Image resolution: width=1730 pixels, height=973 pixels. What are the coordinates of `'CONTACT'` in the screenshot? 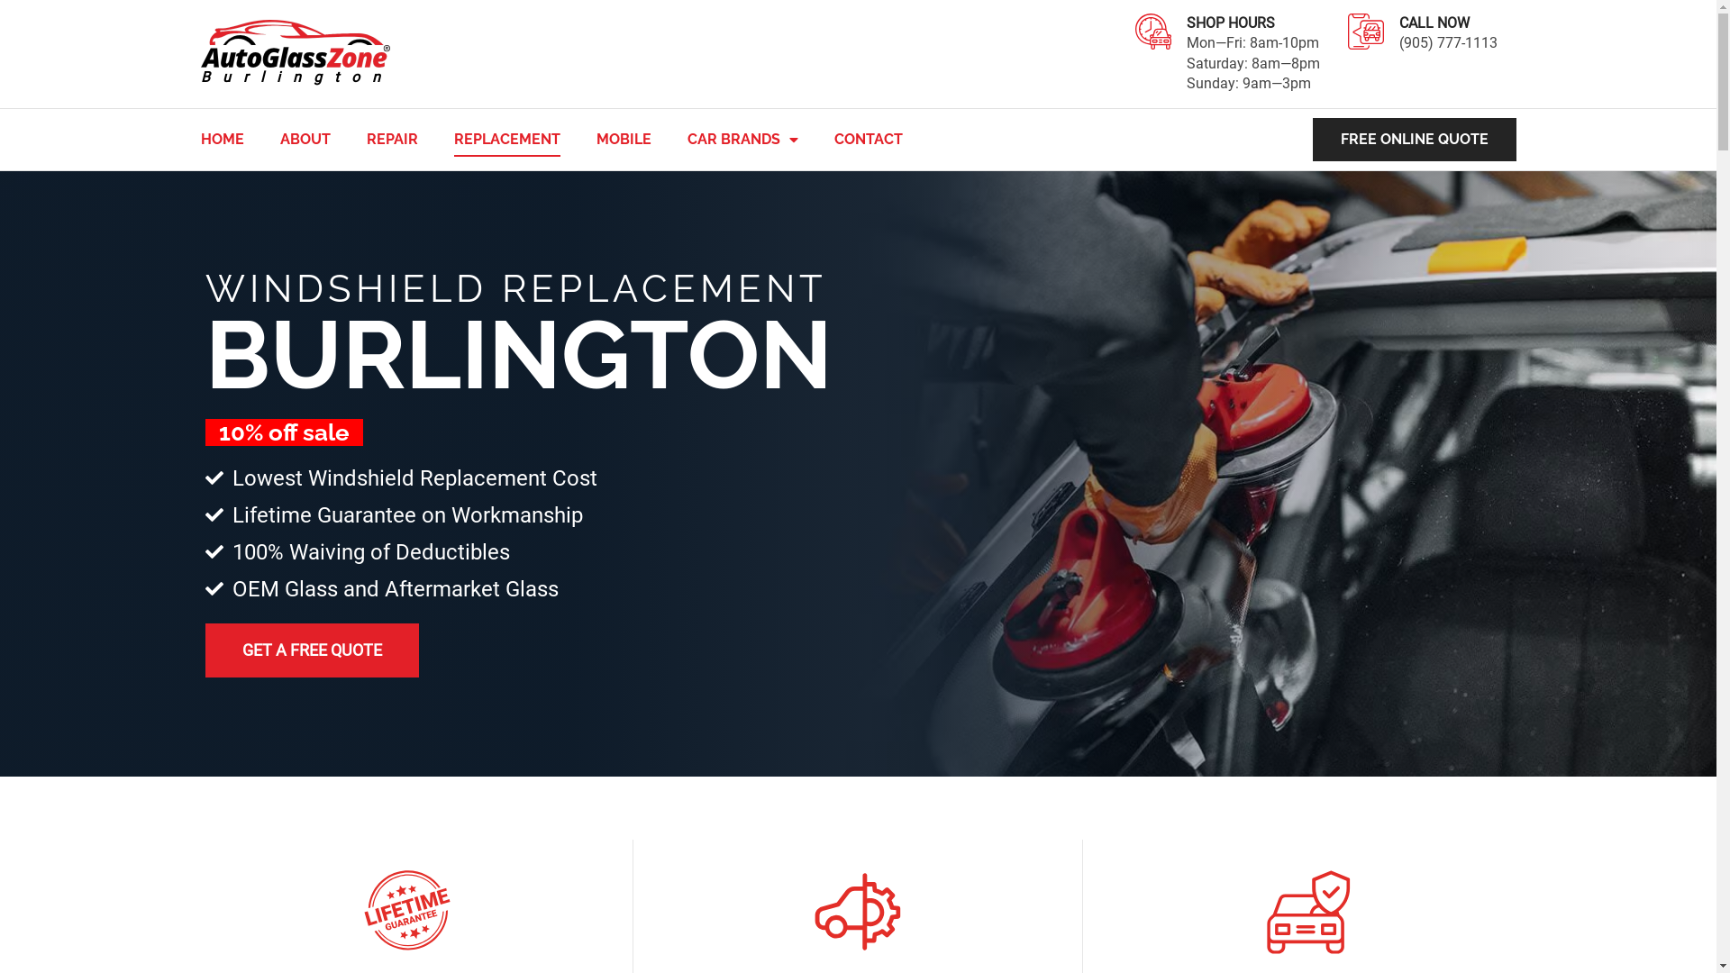 It's located at (869, 138).